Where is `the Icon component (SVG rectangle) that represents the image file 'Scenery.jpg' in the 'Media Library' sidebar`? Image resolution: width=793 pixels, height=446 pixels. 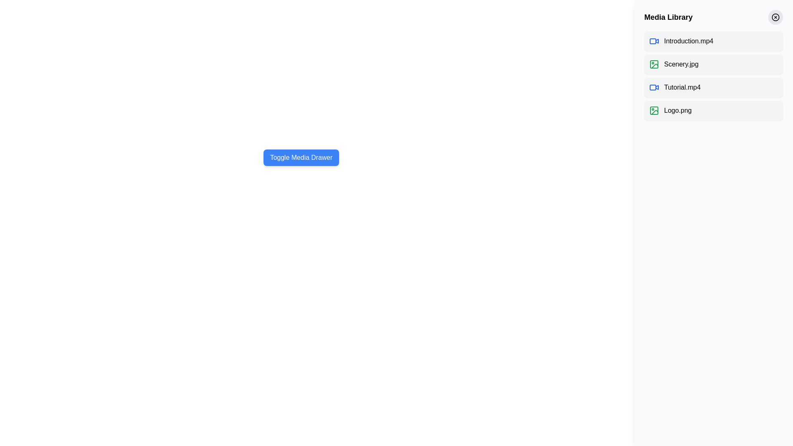
the Icon component (SVG rectangle) that represents the image file 'Scenery.jpg' in the 'Media Library' sidebar is located at coordinates (654, 64).